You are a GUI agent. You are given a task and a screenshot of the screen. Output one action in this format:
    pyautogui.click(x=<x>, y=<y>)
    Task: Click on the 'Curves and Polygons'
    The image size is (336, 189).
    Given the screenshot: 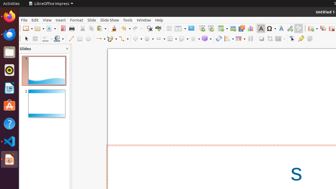 What is the action you would take?
    pyautogui.click(x=112, y=38)
    